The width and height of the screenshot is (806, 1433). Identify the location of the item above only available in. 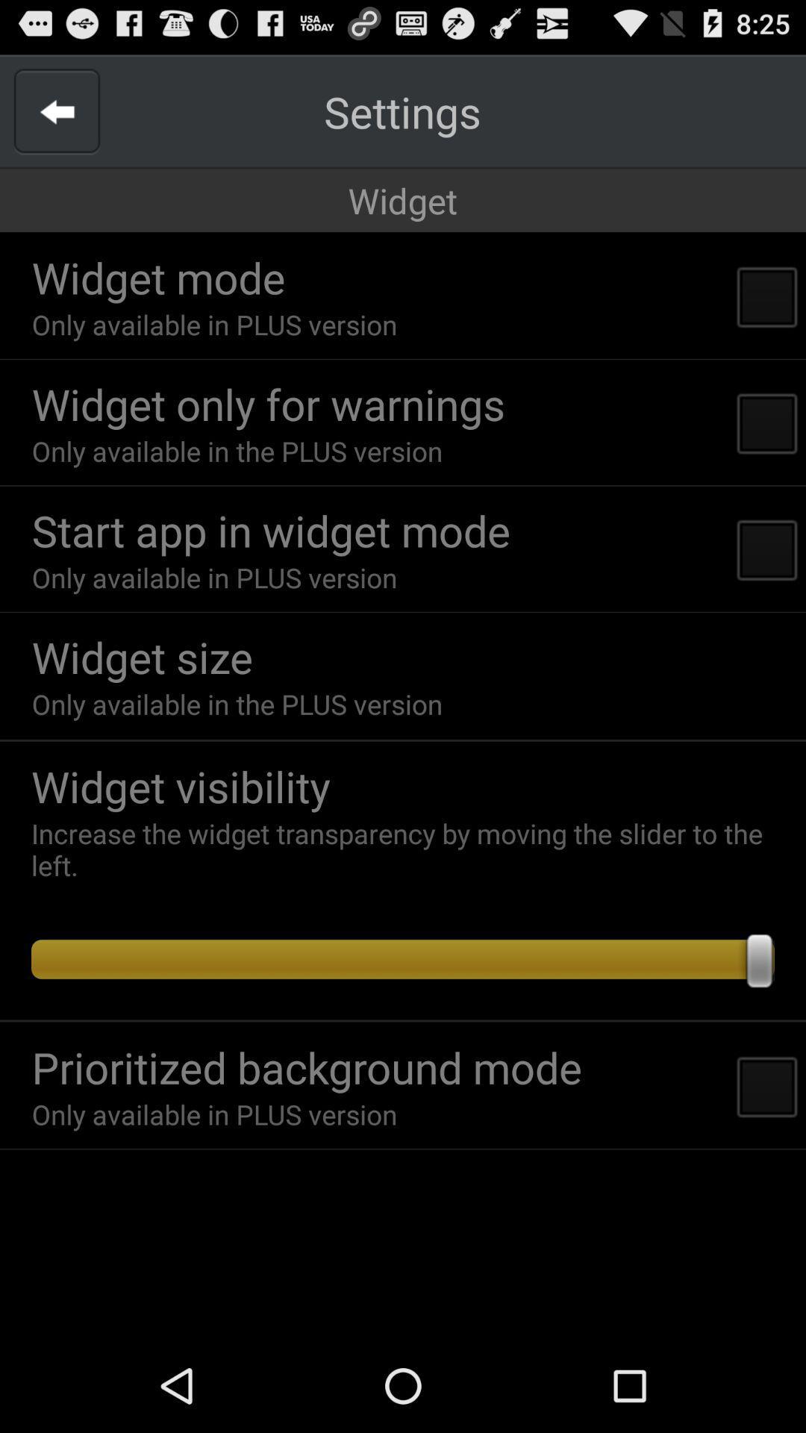
(142, 657).